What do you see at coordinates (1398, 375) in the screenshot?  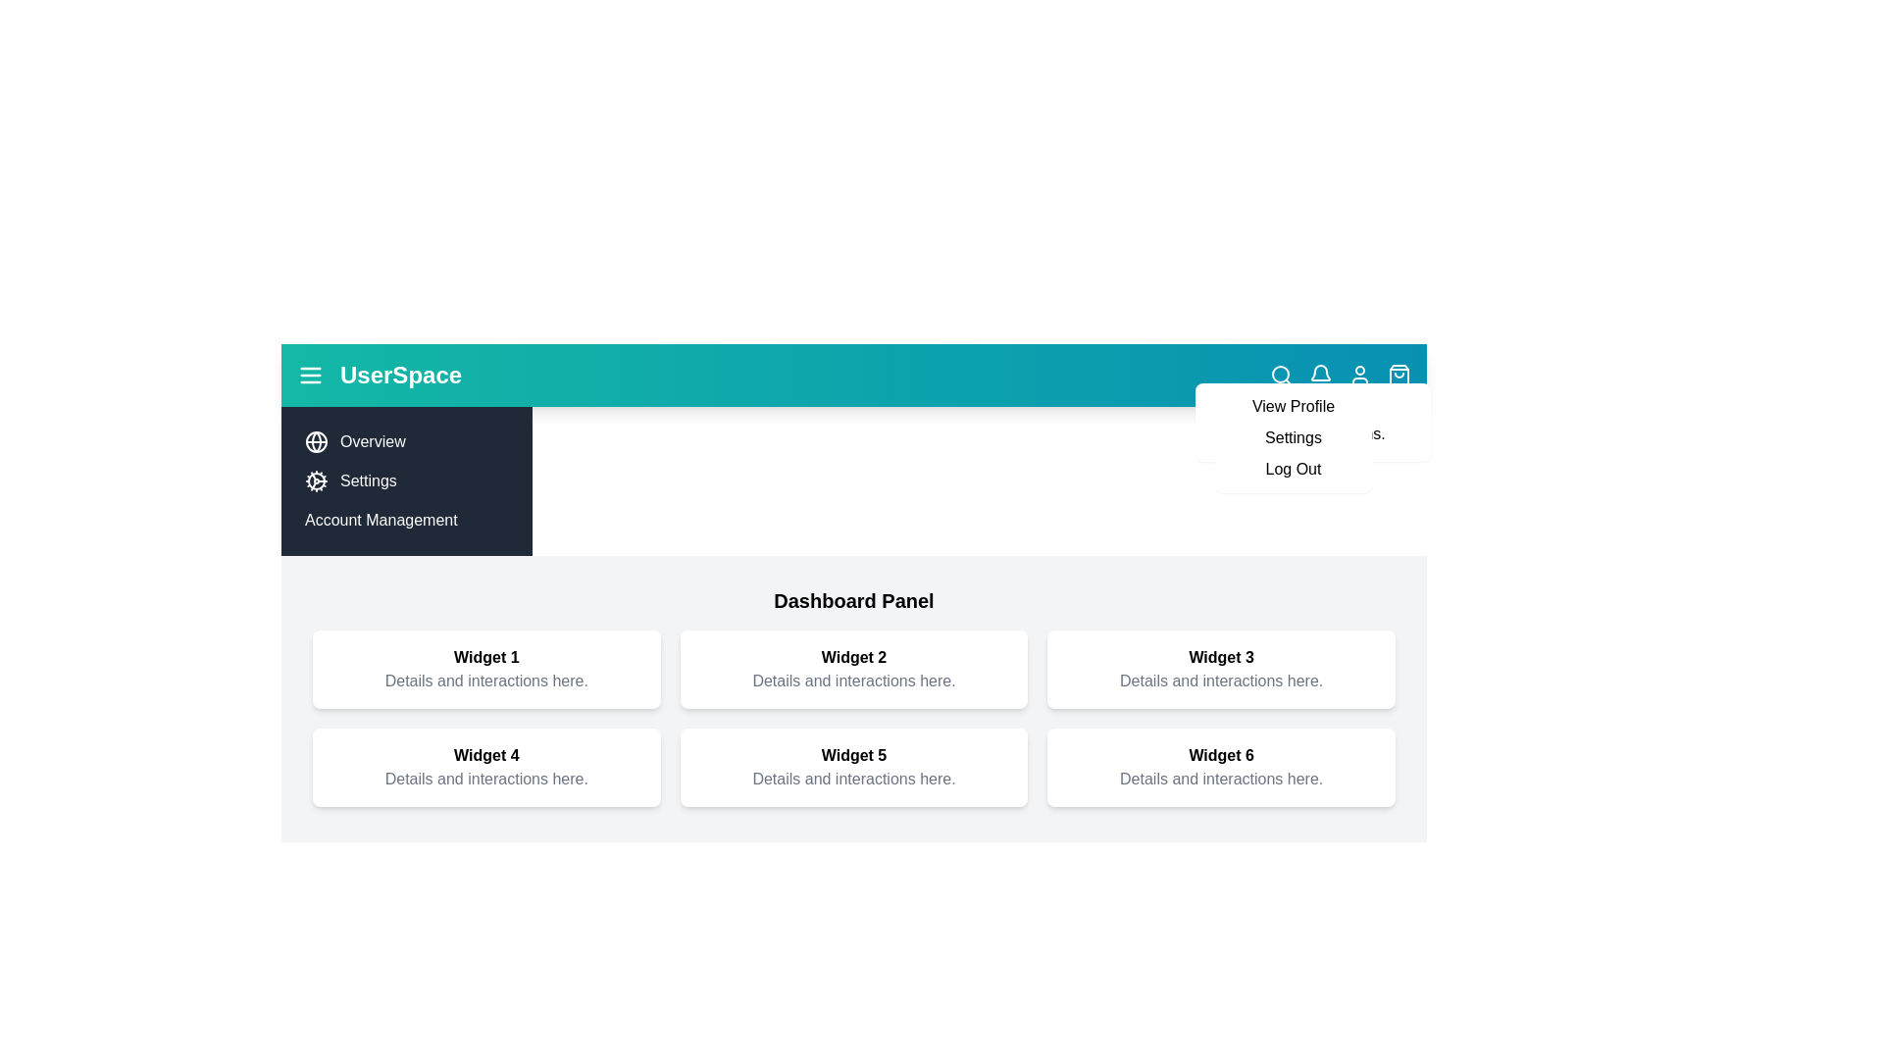 I see `the shopping bag icon, which is the fifth icon from the left in the top navigation bar` at bounding box center [1398, 375].